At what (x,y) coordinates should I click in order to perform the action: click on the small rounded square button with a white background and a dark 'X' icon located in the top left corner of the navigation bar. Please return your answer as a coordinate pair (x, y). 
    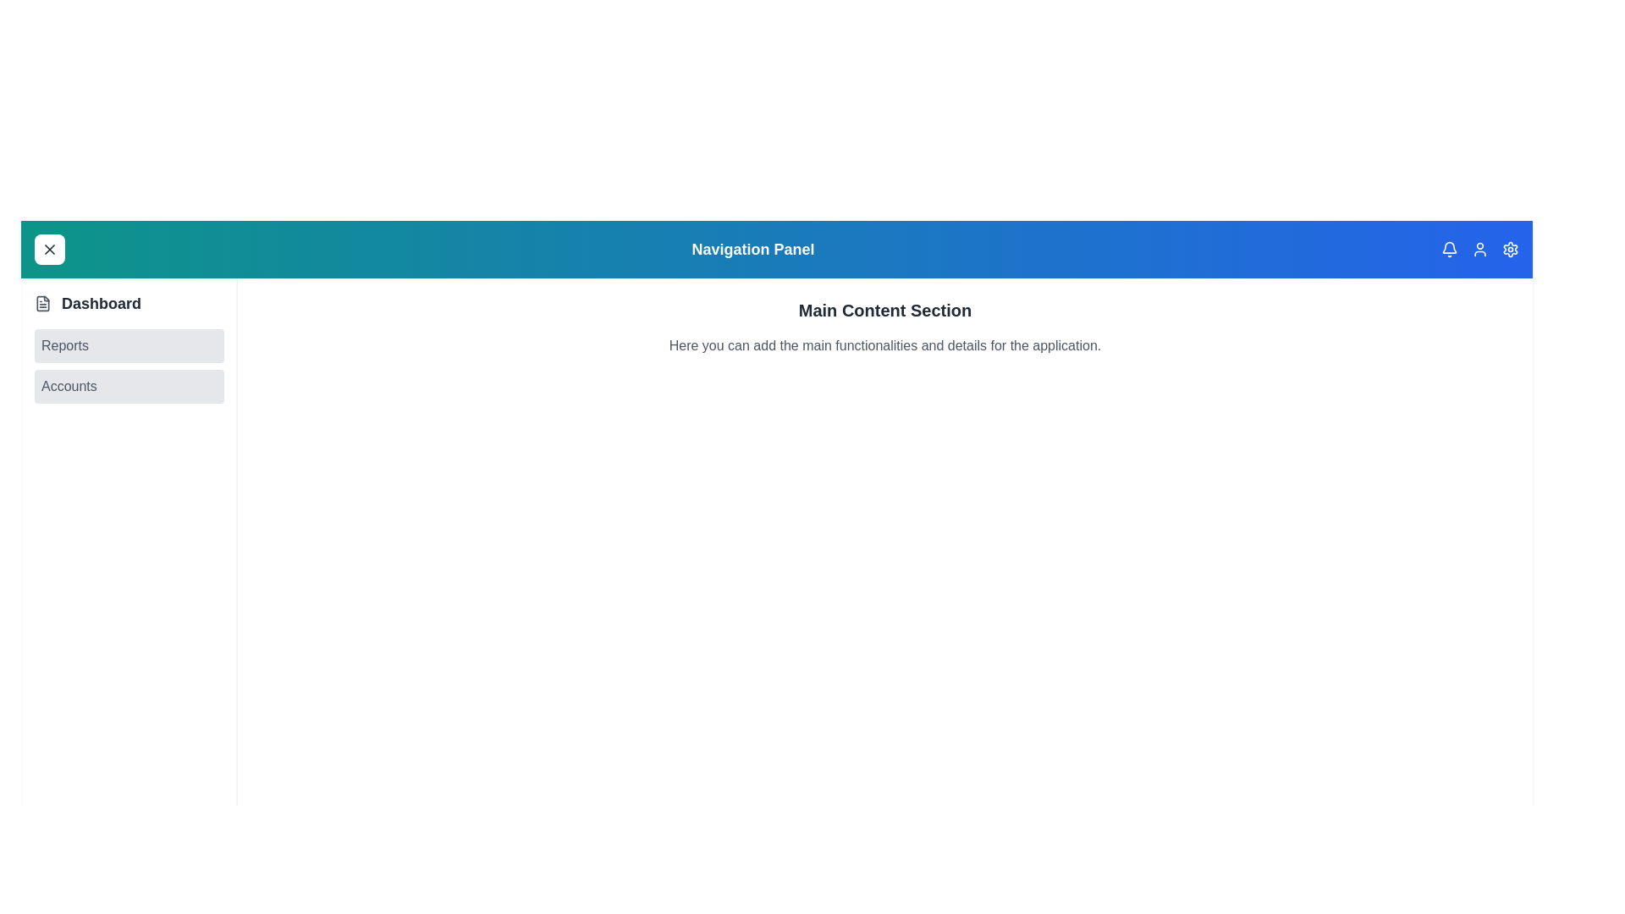
    Looking at the image, I should click on (49, 249).